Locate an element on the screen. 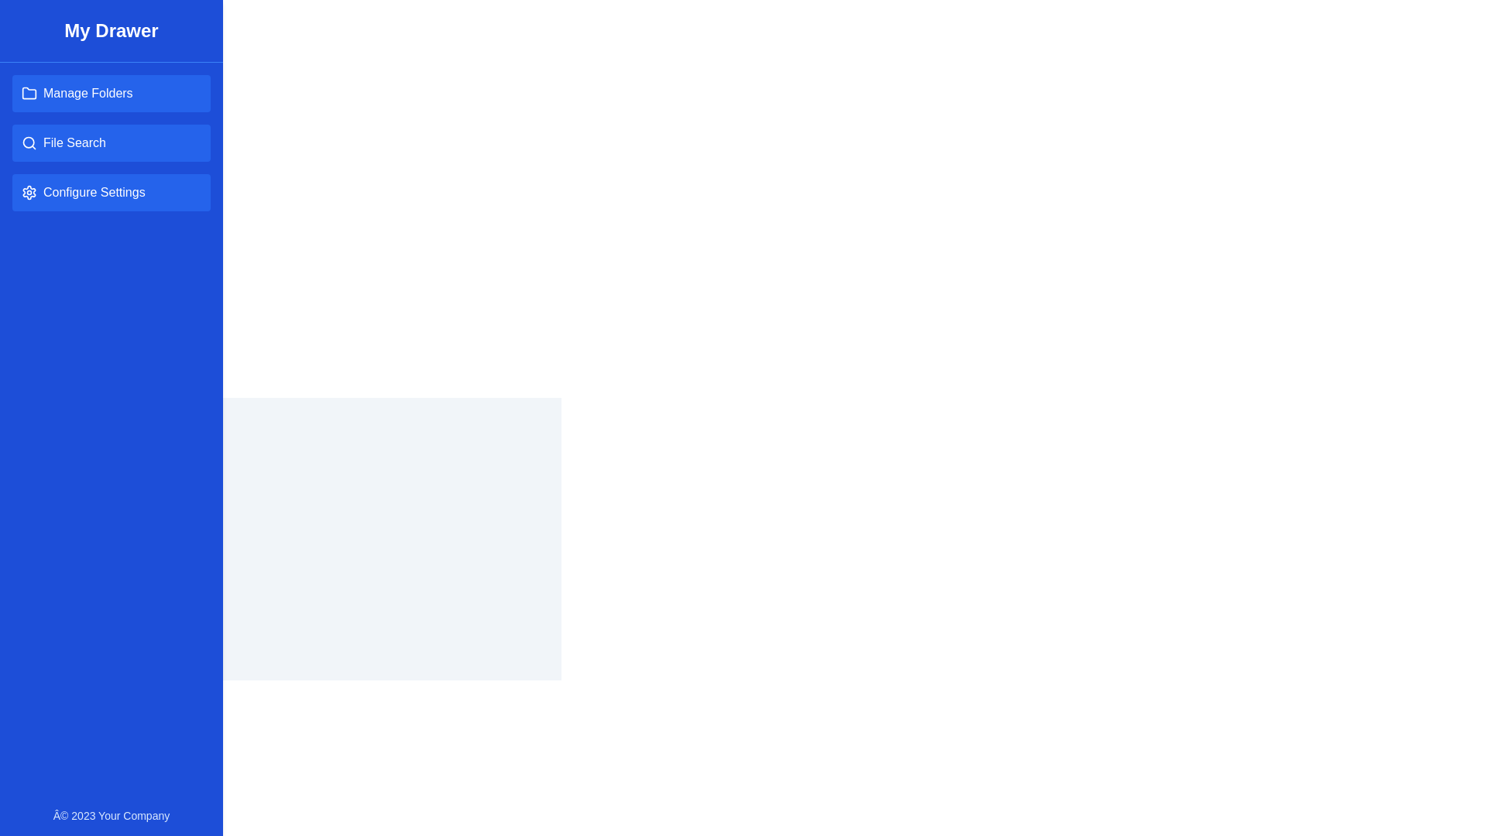  the navigation item File Search in the drawer is located at coordinates (111, 143).